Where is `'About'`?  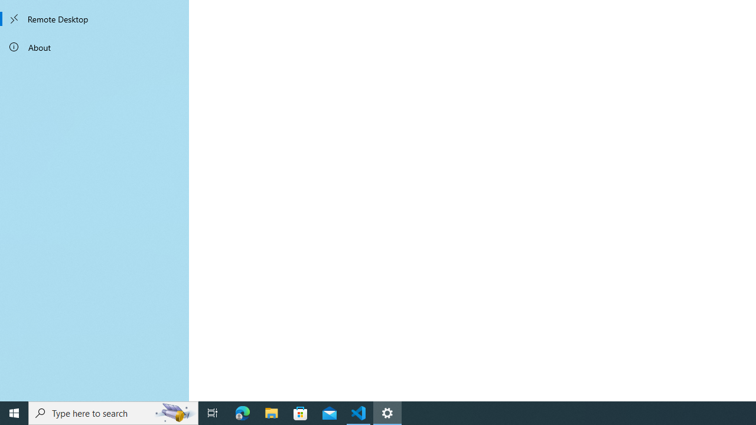
'About' is located at coordinates (94, 46).